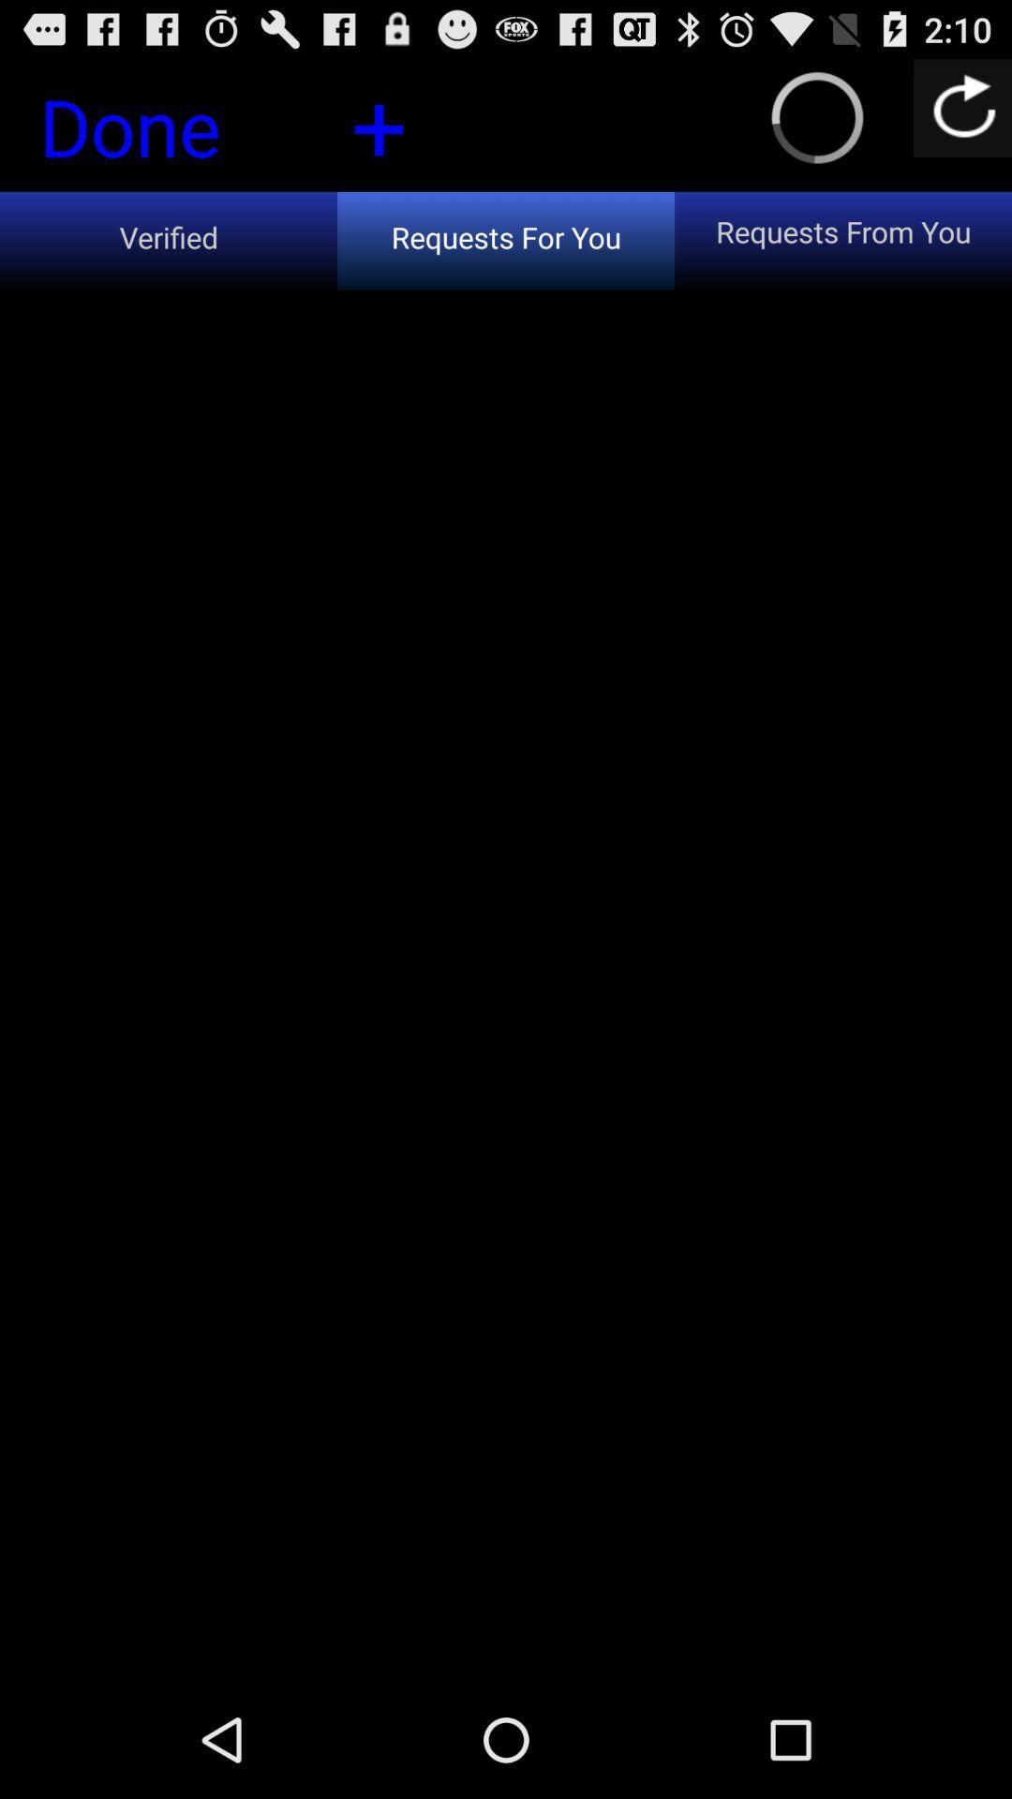 Image resolution: width=1012 pixels, height=1799 pixels. Describe the element at coordinates (169, 240) in the screenshot. I see `the verified` at that location.